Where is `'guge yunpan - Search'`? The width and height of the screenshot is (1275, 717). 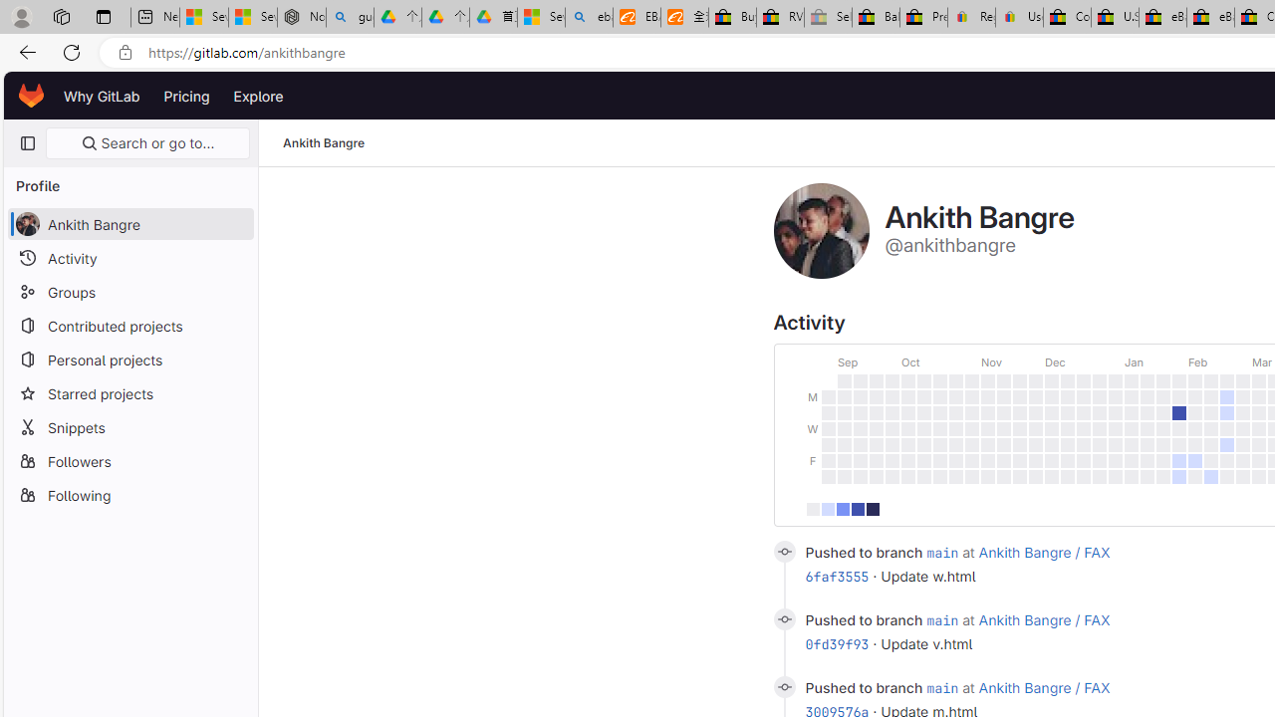 'guge yunpan - Search' is located at coordinates (350, 17).